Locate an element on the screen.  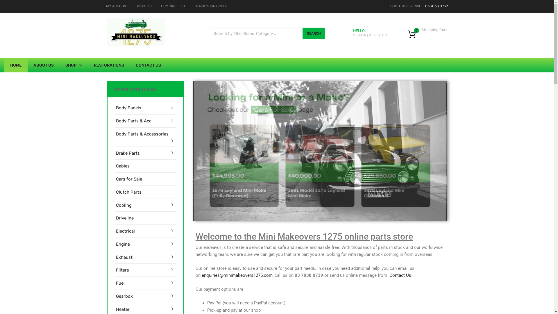
'Body Parts & Acc' is located at coordinates (133, 121).